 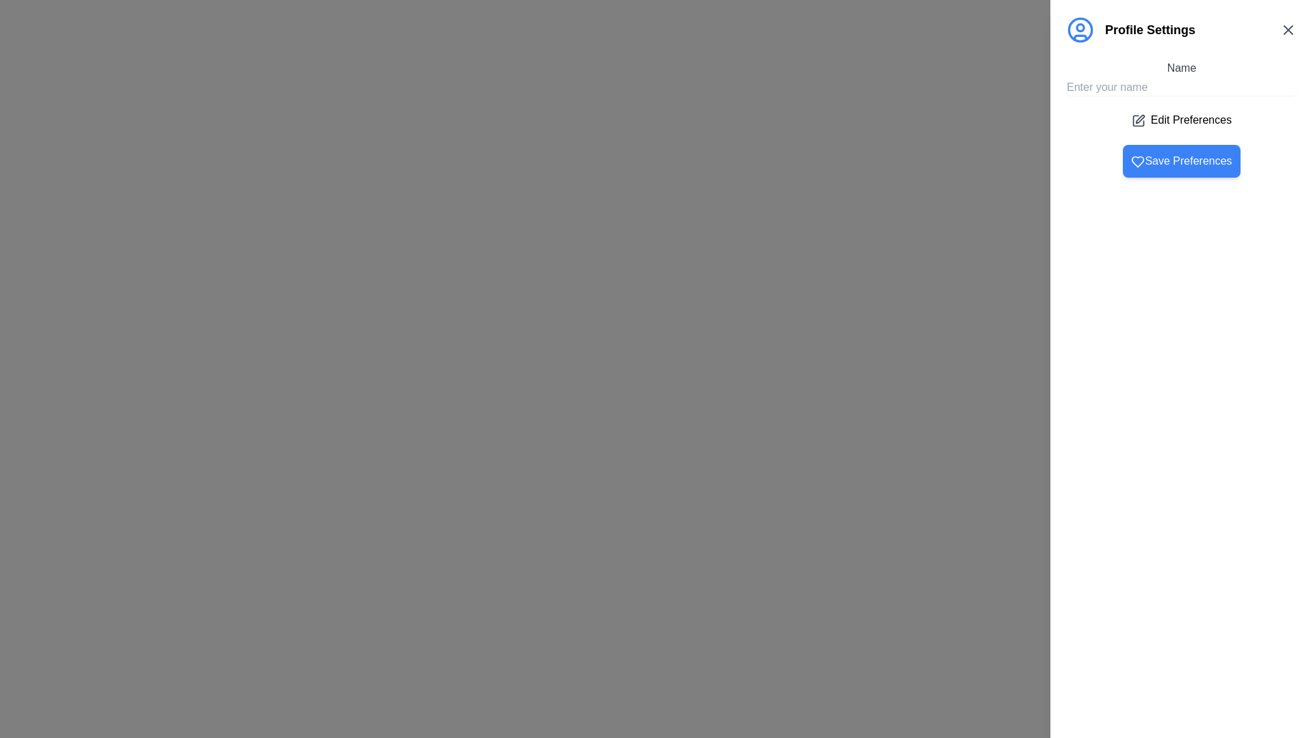 What do you see at coordinates (1181, 120) in the screenshot?
I see `the static label with an icon that indicates the initiation of a section related to editing preferences, located below the 'Name' text input field and above the 'Save Preferences' button` at bounding box center [1181, 120].